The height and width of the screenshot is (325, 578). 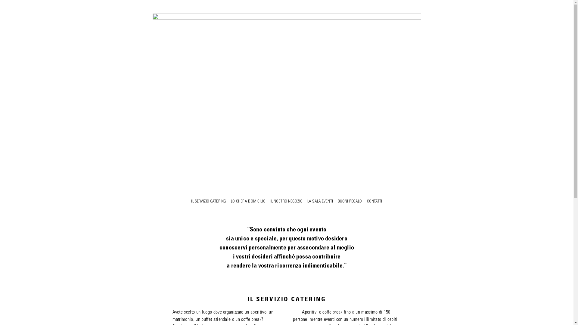 I want to click on 'LA SALA EVENTI', so click(x=307, y=202).